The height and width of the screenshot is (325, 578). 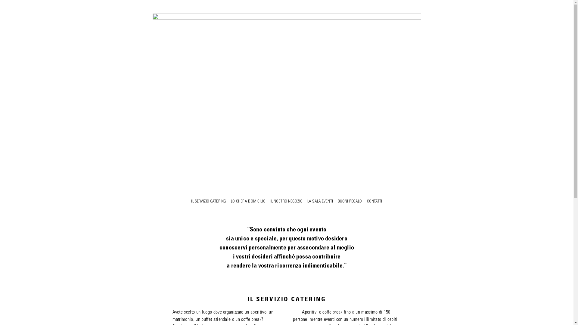 I want to click on 'LA SALA EVENTI', so click(x=307, y=202).